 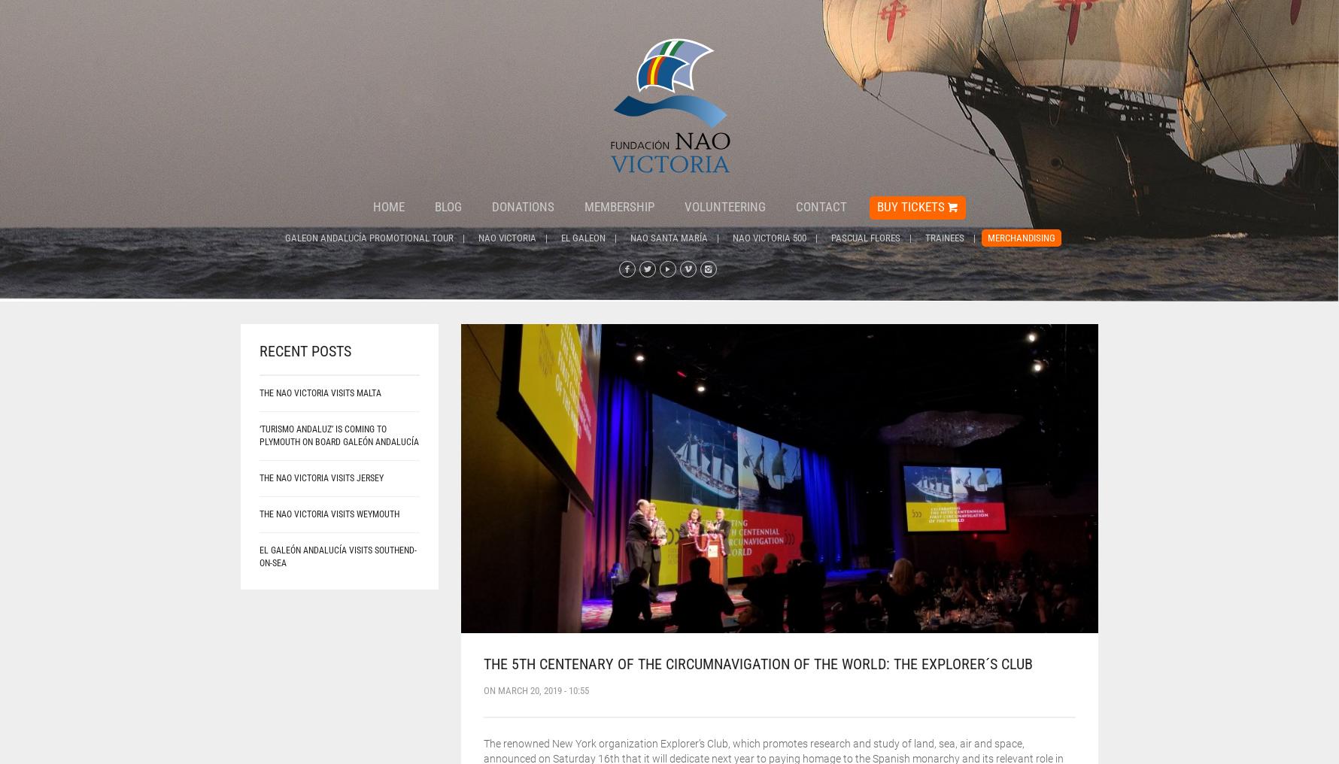 What do you see at coordinates (305, 350) in the screenshot?
I see `'Recent posts'` at bounding box center [305, 350].